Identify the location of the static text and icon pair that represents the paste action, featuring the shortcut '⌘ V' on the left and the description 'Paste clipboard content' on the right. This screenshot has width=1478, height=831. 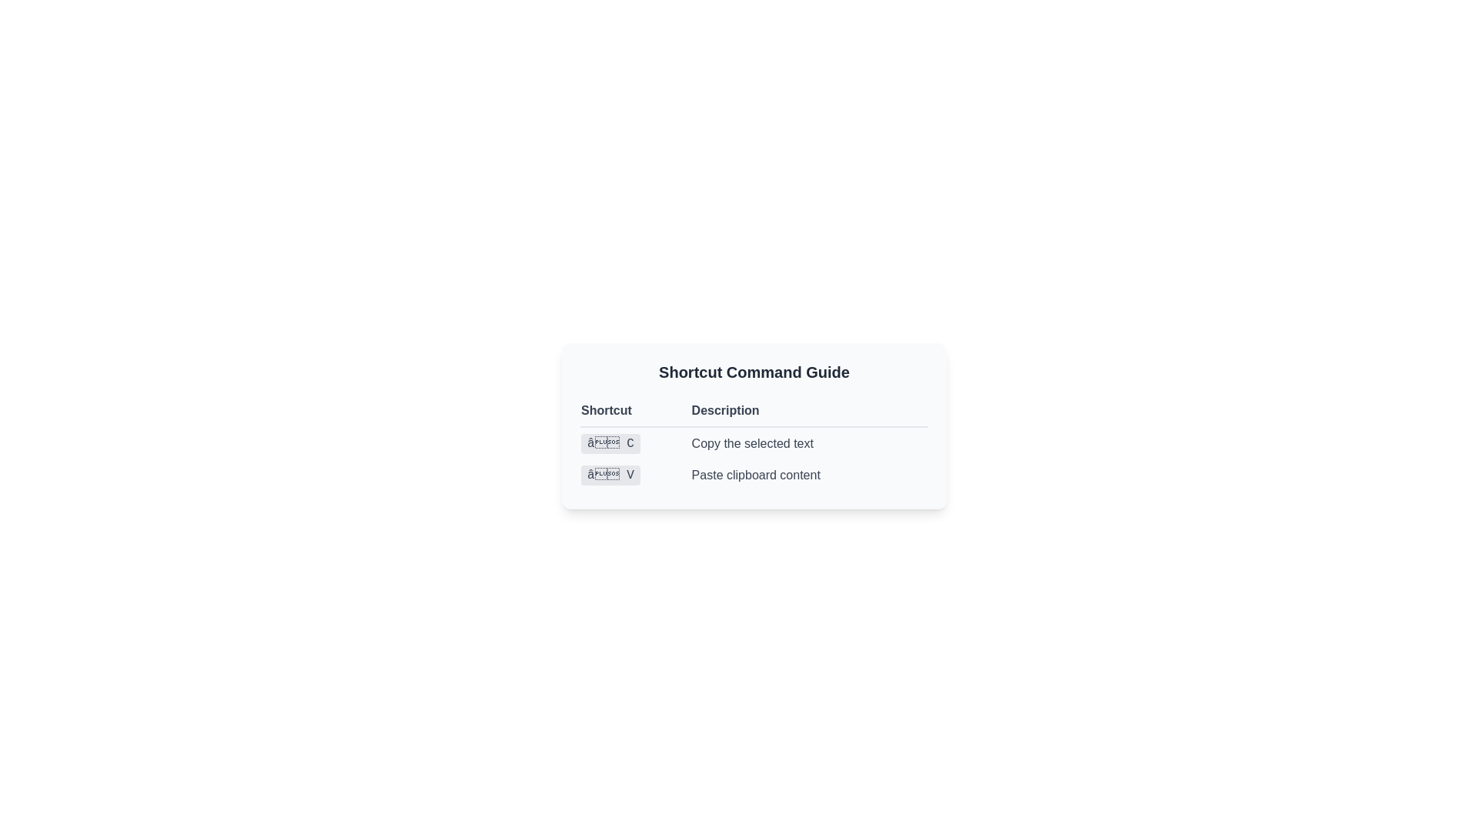
(754, 474).